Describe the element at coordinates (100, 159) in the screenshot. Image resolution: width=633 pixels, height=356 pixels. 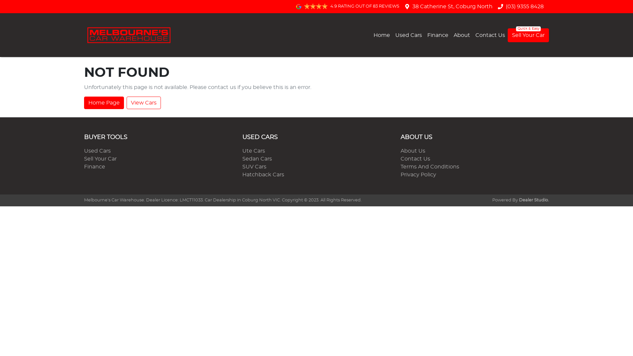
I see `'Sell Your Car'` at that location.